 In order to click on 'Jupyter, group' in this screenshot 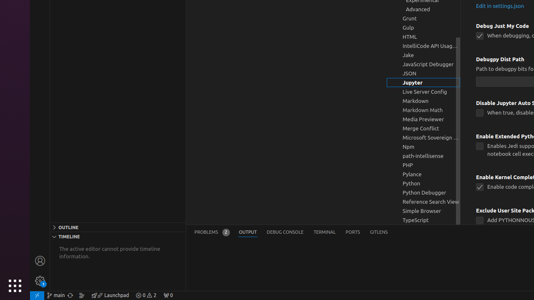, I will do `click(423, 82)`.